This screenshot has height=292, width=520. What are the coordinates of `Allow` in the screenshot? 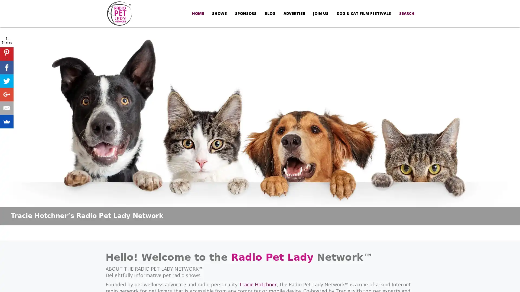 It's located at (299, 31).